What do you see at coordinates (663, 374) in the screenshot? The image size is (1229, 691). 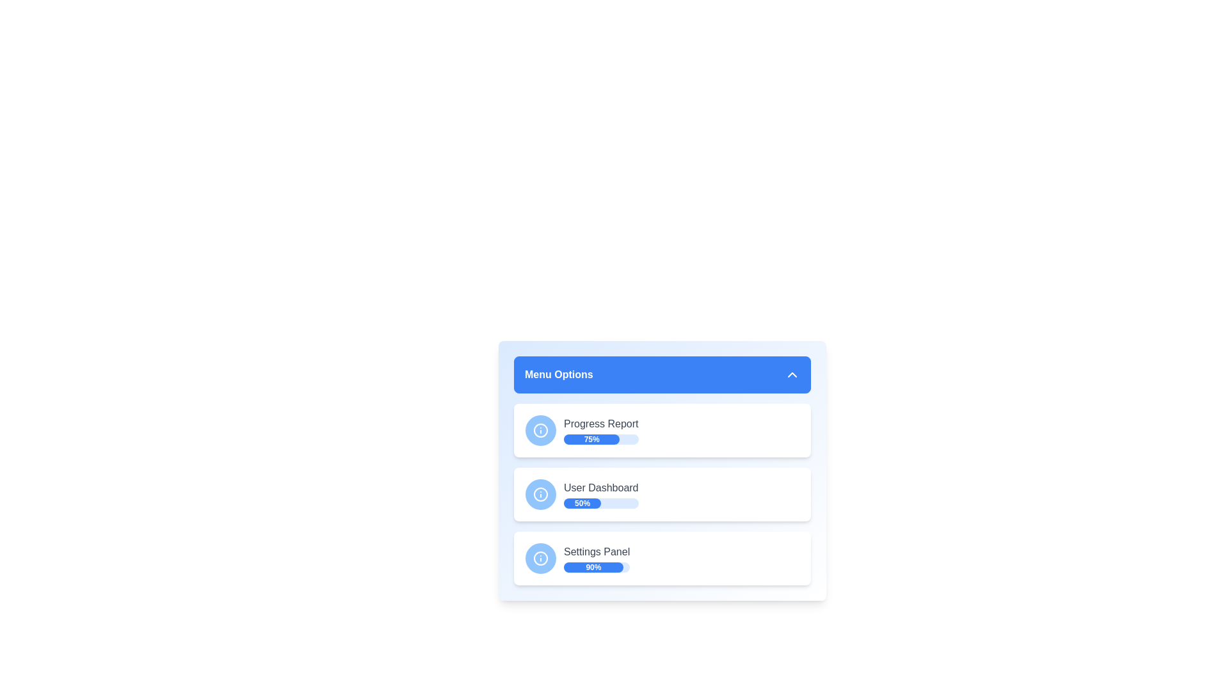 I see `the 'Menu Options' button to toggle the menu visibility` at bounding box center [663, 374].